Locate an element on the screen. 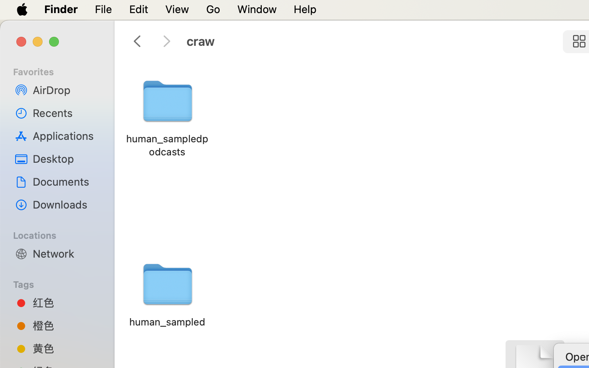 This screenshot has height=368, width=589. 'Recents' is located at coordinates (65, 112).